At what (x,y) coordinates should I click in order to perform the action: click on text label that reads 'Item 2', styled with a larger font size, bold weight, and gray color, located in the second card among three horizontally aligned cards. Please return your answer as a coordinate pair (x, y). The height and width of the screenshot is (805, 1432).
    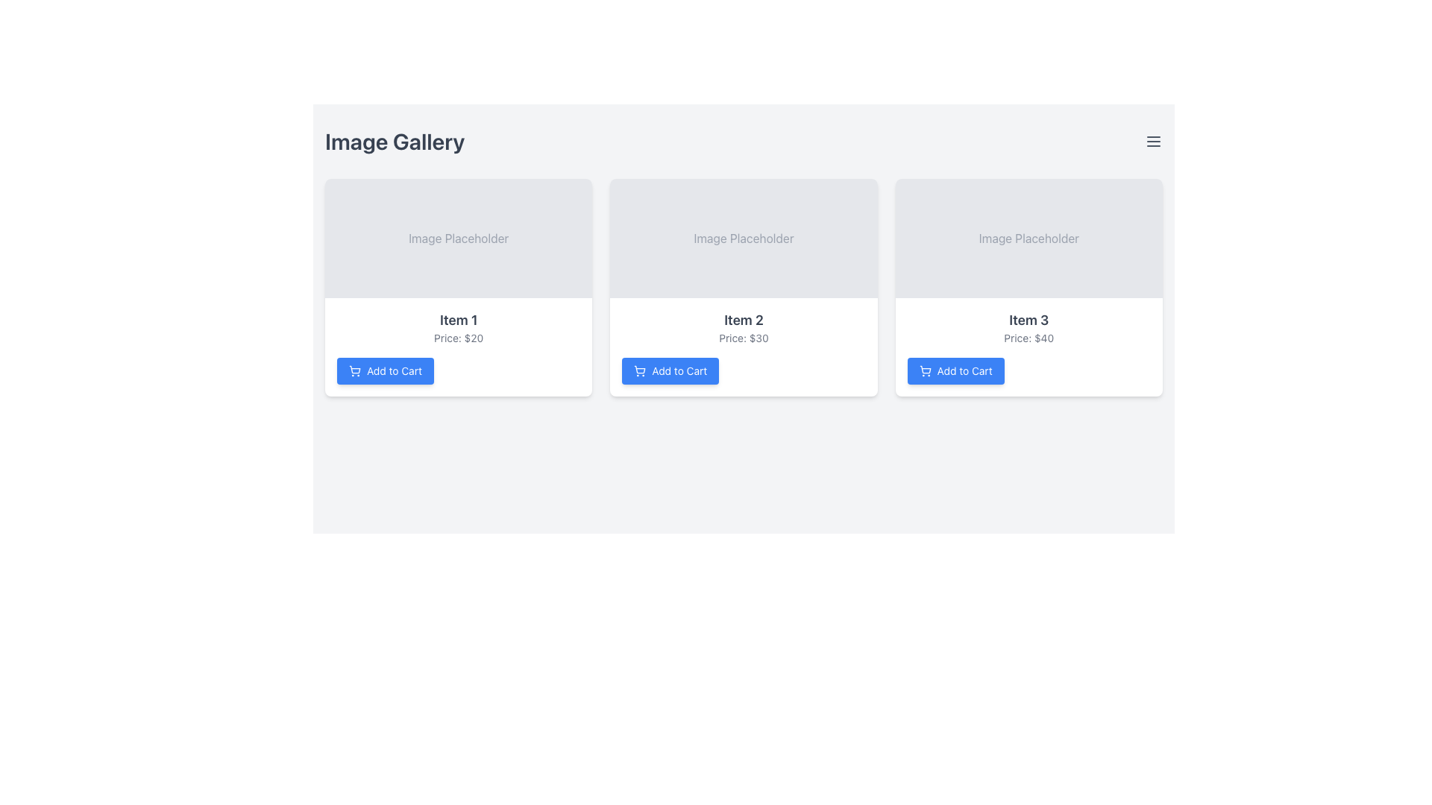
    Looking at the image, I should click on (744, 319).